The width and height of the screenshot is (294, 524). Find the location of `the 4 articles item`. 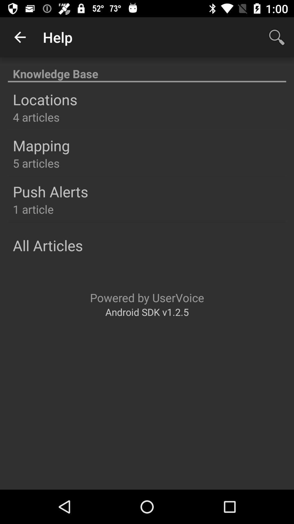

the 4 articles item is located at coordinates (36, 117).